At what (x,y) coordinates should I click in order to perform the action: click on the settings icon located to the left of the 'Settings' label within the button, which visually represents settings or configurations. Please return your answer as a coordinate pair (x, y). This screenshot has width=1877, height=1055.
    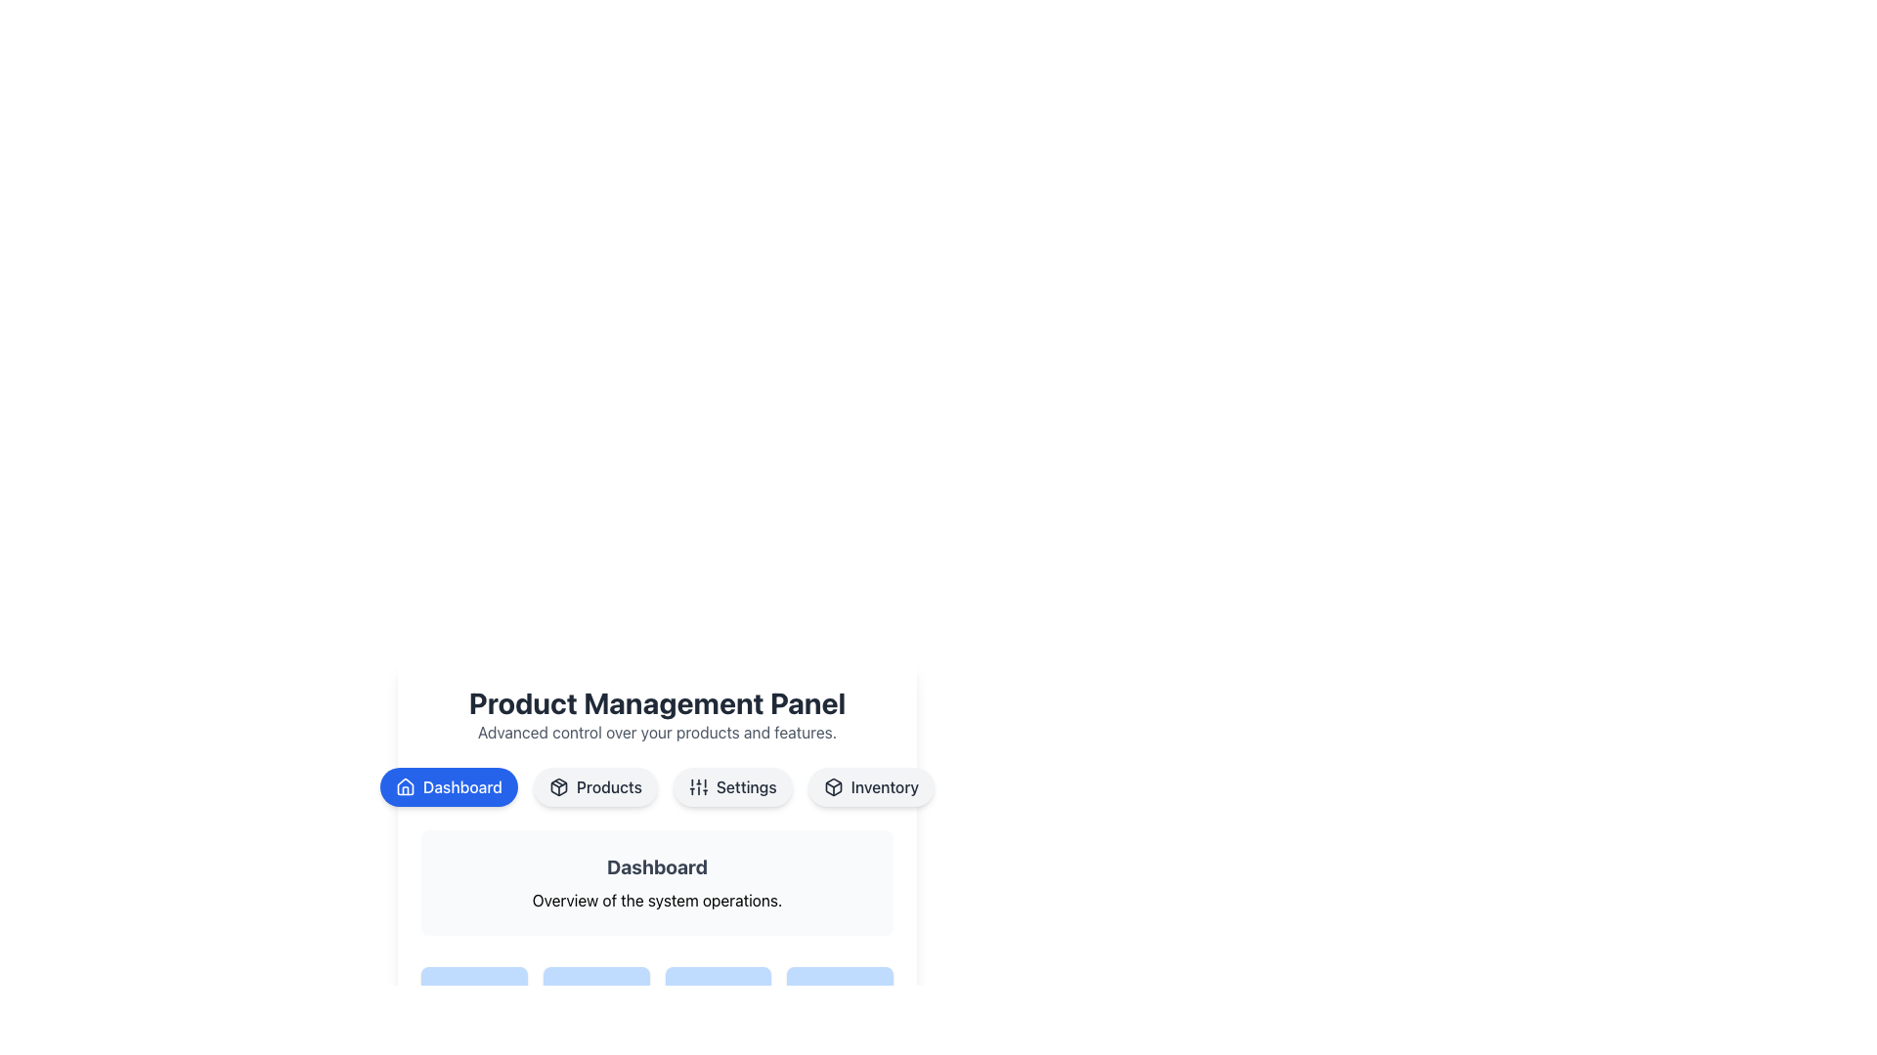
    Looking at the image, I should click on (699, 786).